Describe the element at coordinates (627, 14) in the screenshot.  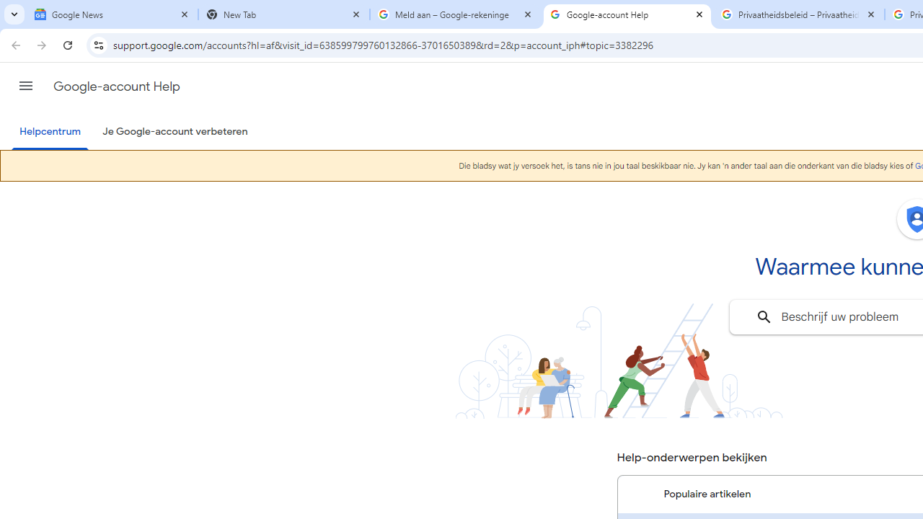
I see `'Google-account Help'` at that location.